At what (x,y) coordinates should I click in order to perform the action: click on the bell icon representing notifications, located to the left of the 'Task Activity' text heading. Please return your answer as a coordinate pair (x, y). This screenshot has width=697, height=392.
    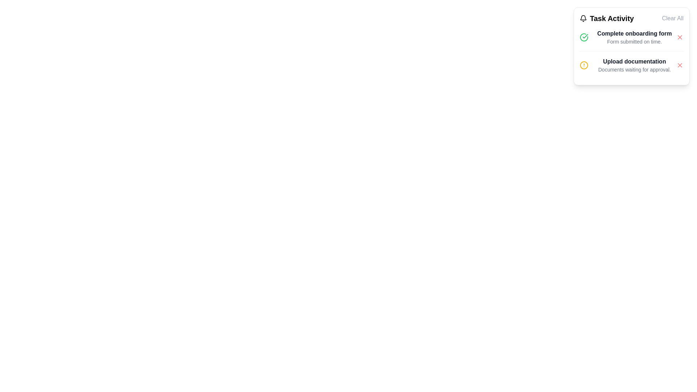
    Looking at the image, I should click on (583, 18).